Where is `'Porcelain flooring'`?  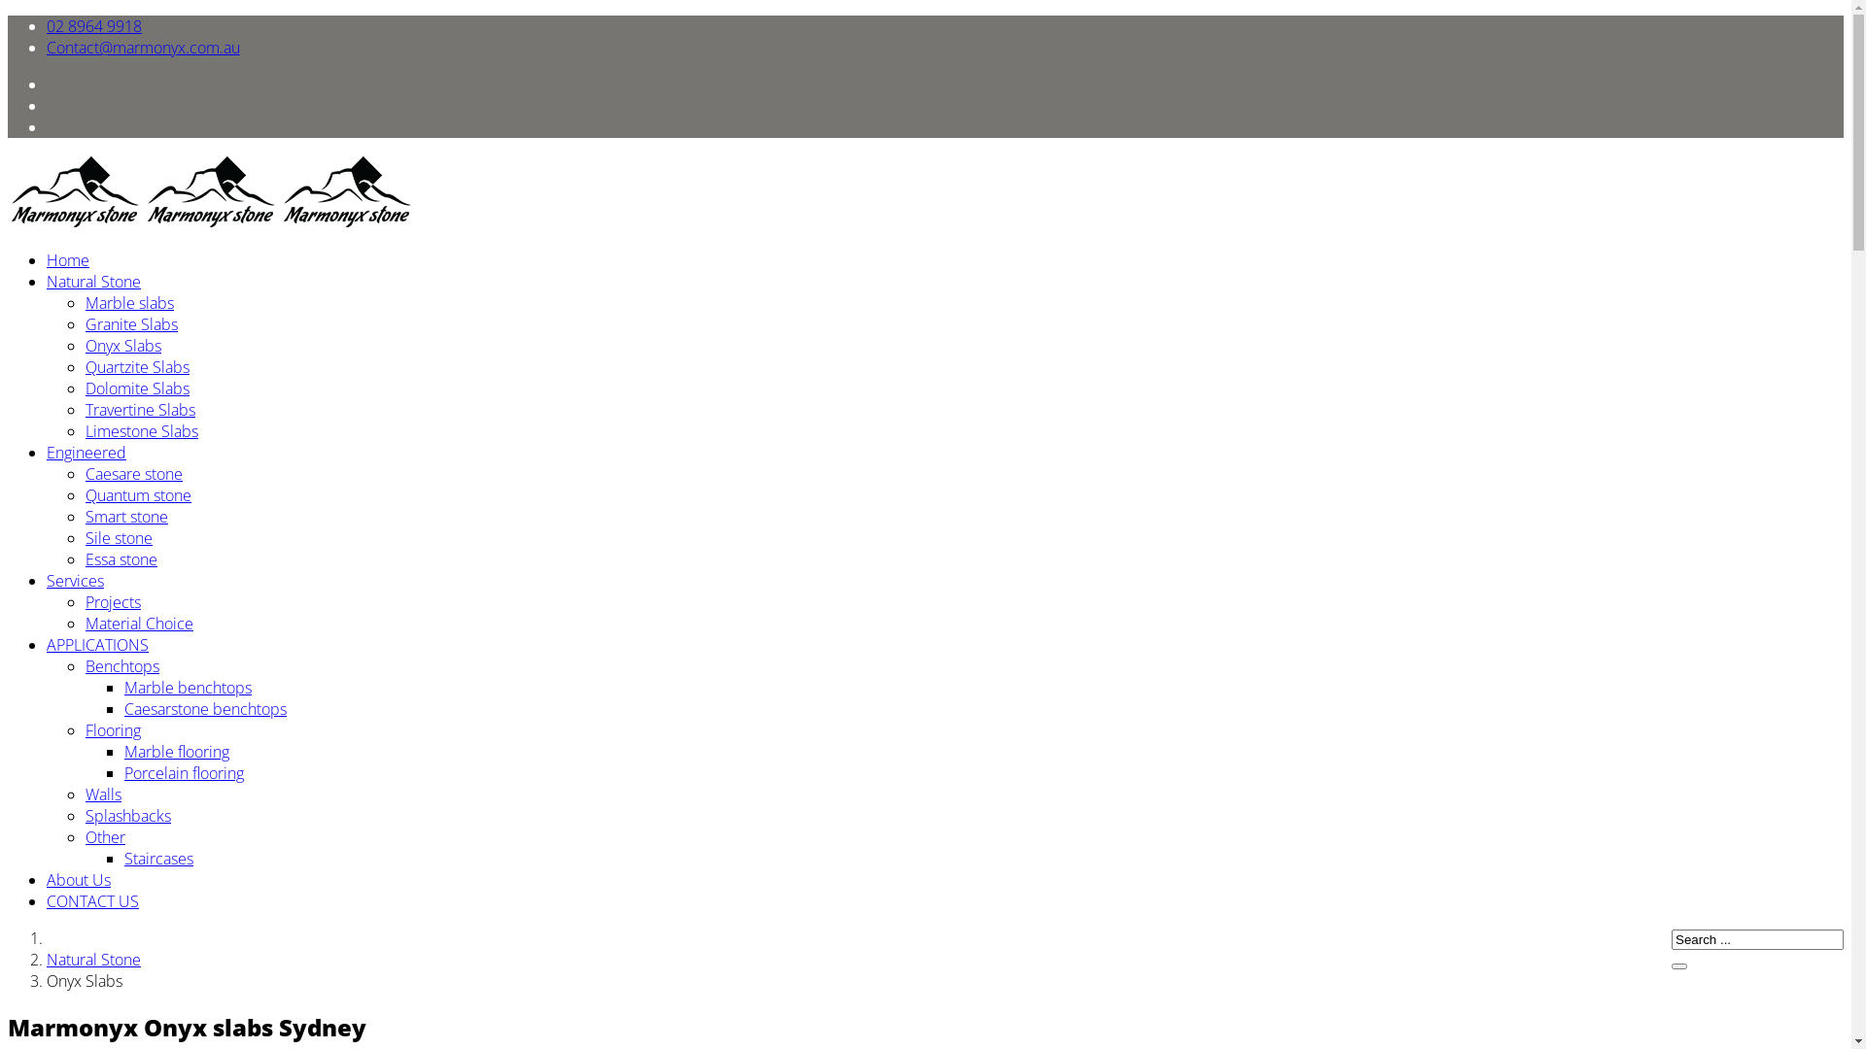 'Porcelain flooring' is located at coordinates (184, 771).